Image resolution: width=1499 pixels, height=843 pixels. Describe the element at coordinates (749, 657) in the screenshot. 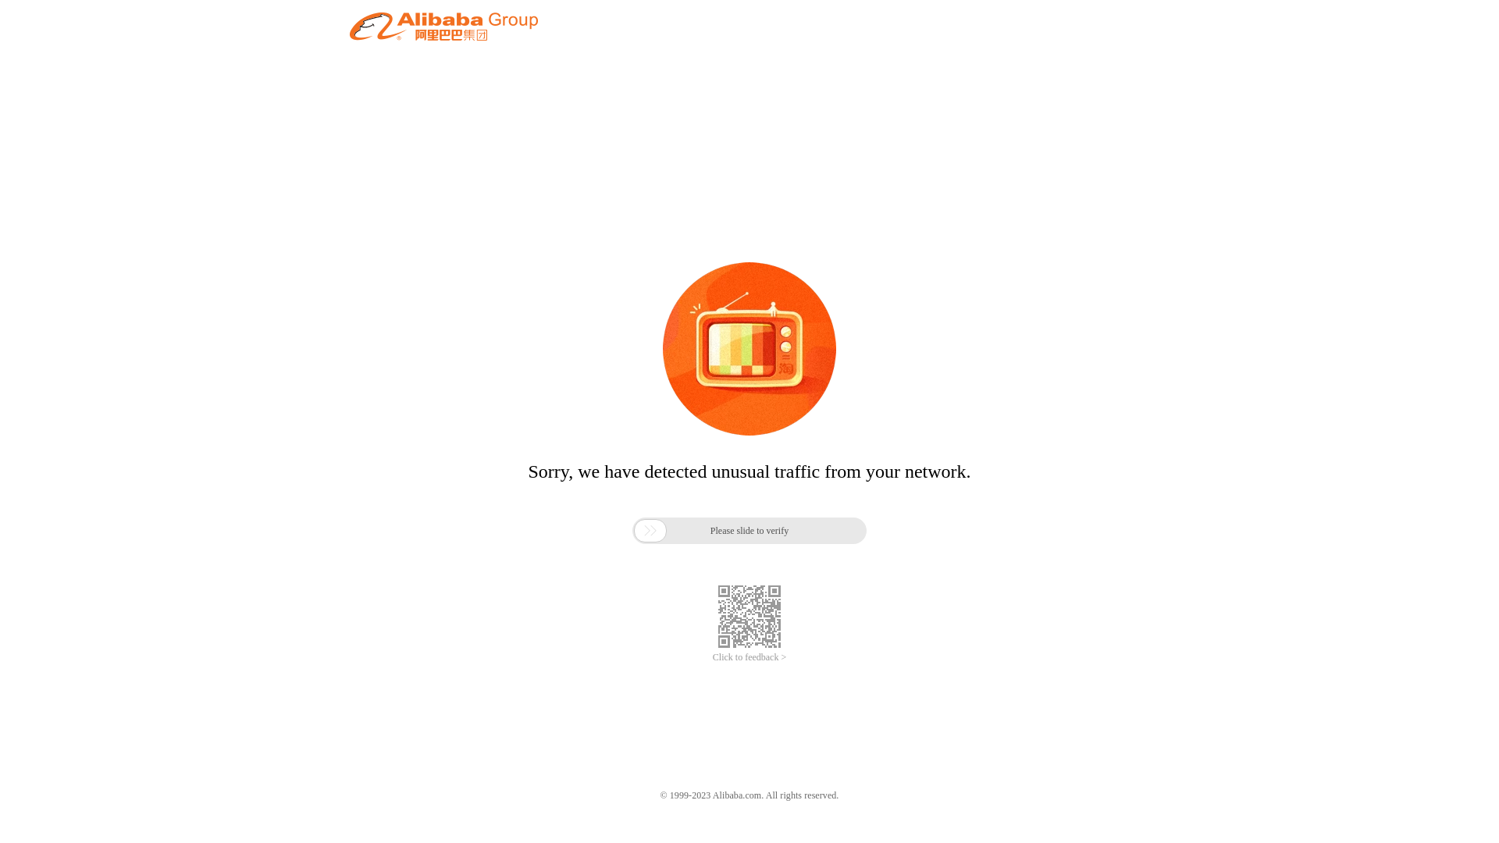

I see `'Click to feedback >'` at that location.